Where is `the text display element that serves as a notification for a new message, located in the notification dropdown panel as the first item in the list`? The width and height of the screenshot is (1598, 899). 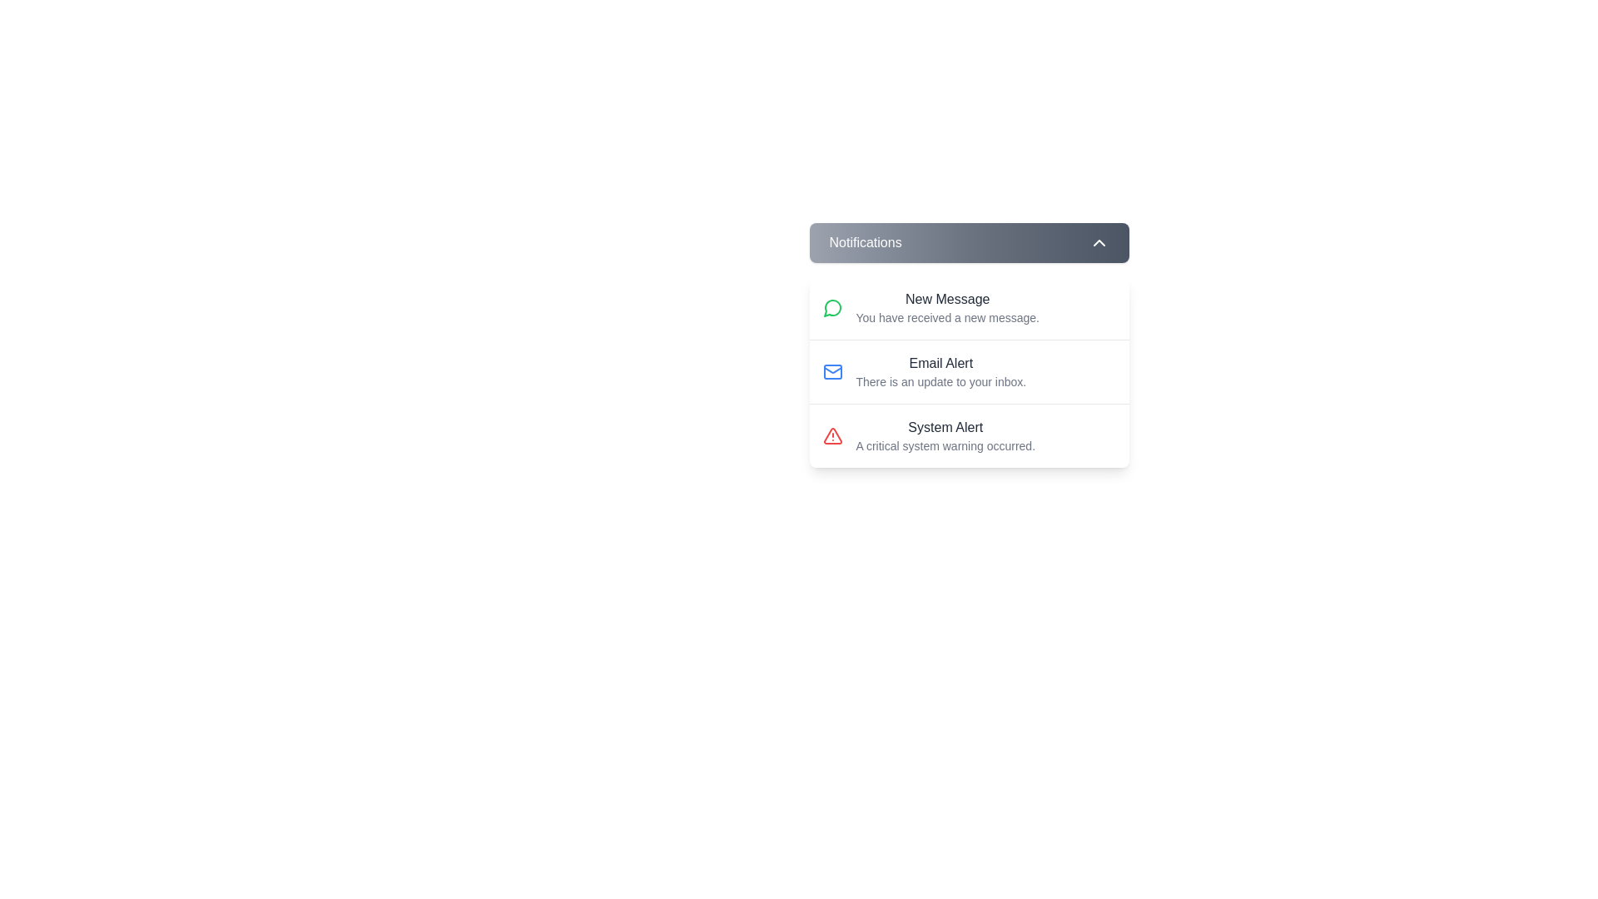 the text display element that serves as a notification for a new message, located in the notification dropdown panel as the first item in the list is located at coordinates (947, 308).